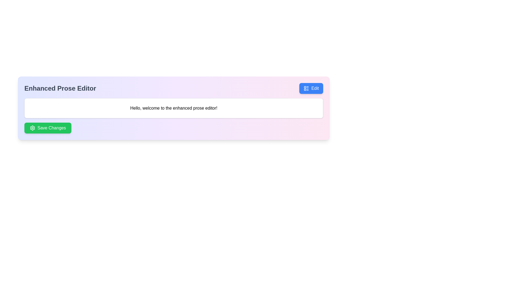 The height and width of the screenshot is (293, 521). Describe the element at coordinates (32, 128) in the screenshot. I see `the gear or settings icon located within the 'Save Changes' button, which is outlined in white strokes and positioned to the left of the 'Save Changes' text label` at that location.